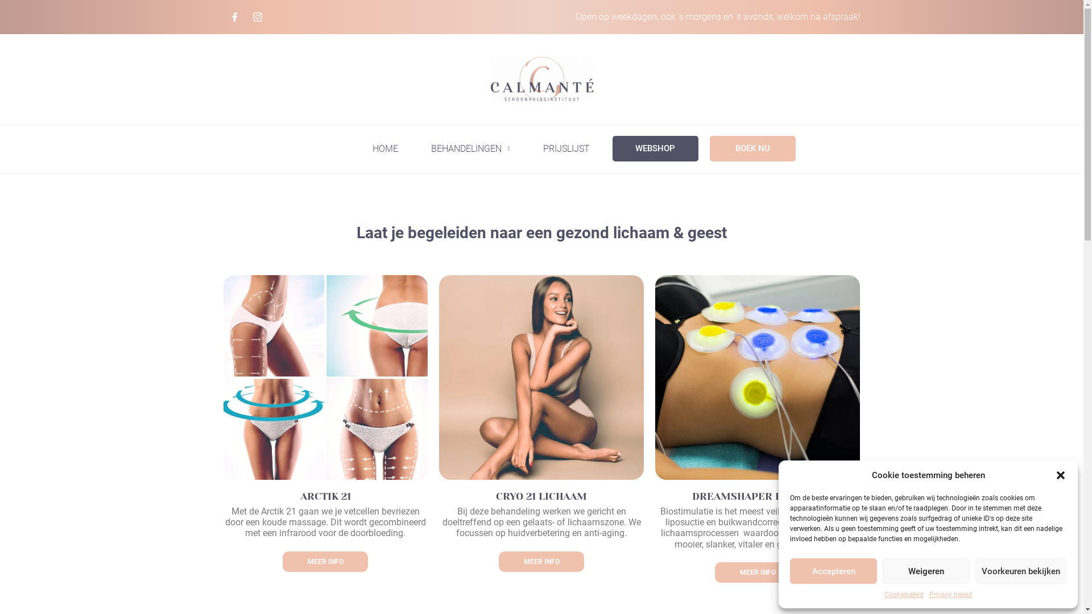  Describe the element at coordinates (903, 594) in the screenshot. I see `'Cookiebeleid'` at that location.